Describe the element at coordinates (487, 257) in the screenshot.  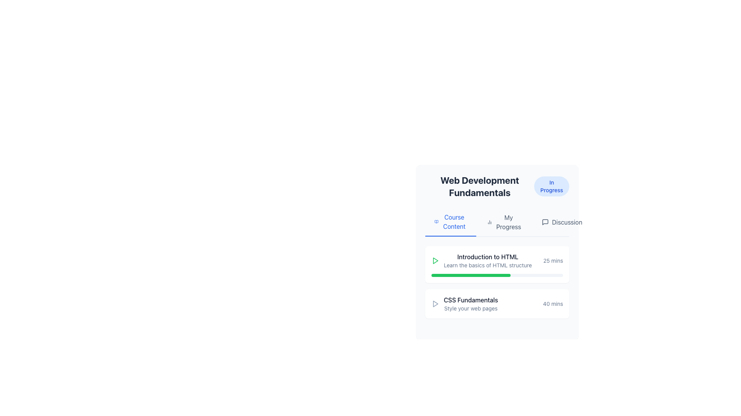
I see `static text label displaying 'Introduction to HTML', which is the first item in the list of the section titled 'Web Development Fundamentals'` at that location.